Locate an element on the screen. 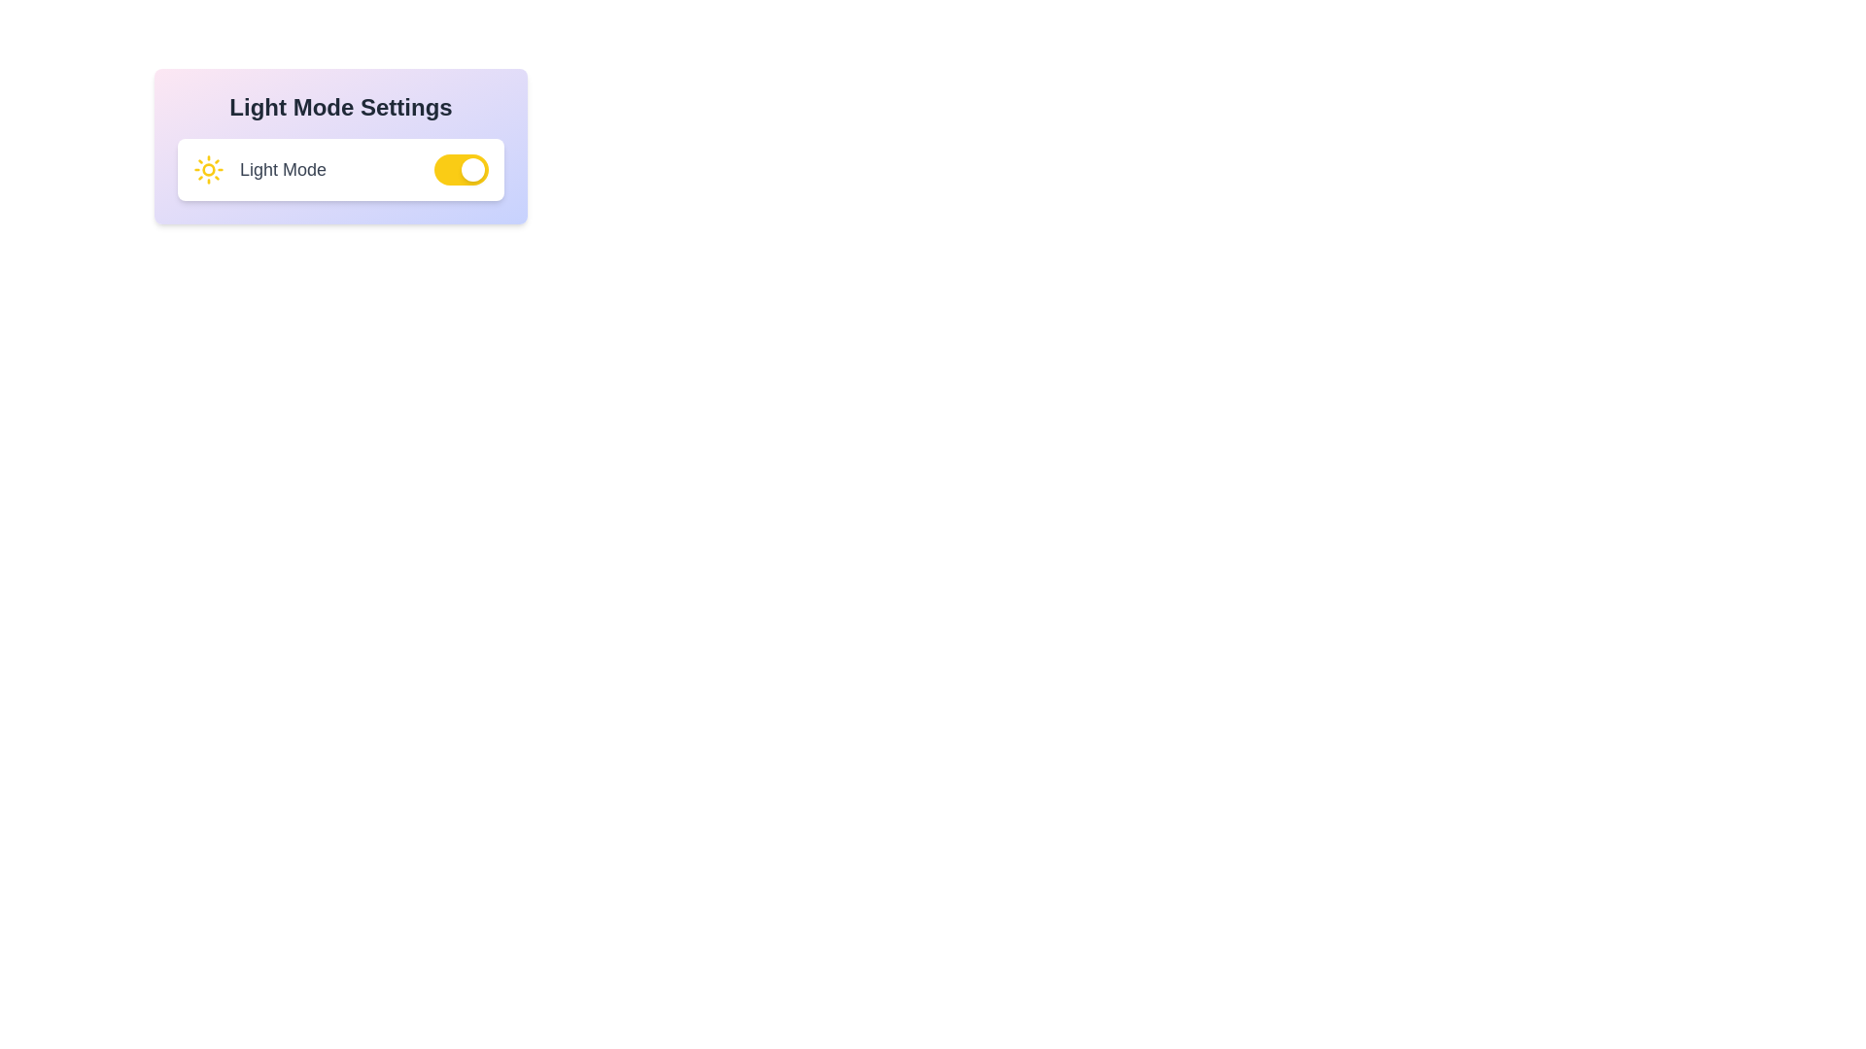  the text 'Light Mode' is located at coordinates (282, 168).